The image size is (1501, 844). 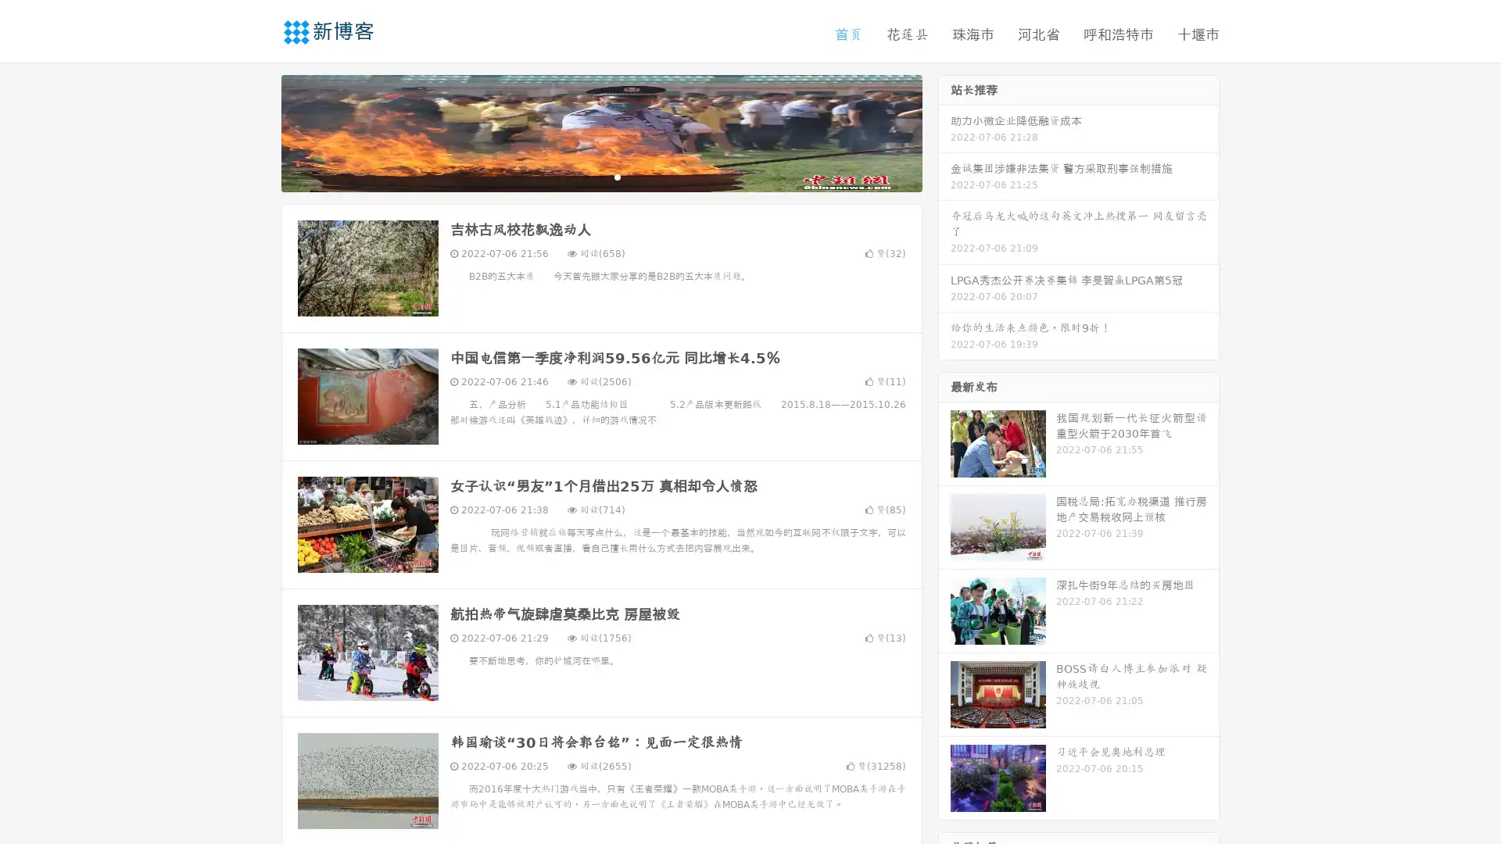 I want to click on Go to slide 1, so click(x=585, y=176).